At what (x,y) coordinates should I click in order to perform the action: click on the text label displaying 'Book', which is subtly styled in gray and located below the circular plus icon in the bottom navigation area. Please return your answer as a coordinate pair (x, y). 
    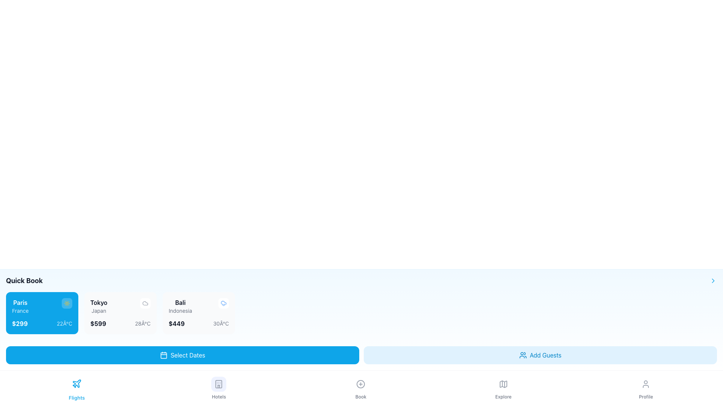
    Looking at the image, I should click on (360, 397).